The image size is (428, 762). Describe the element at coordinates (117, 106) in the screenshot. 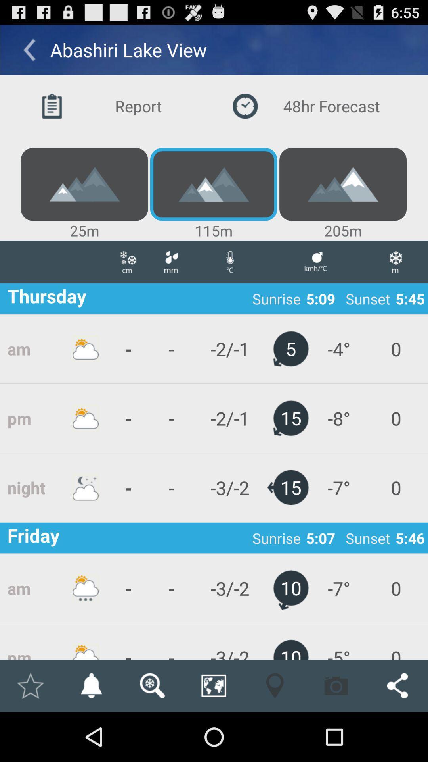

I see `report button` at that location.